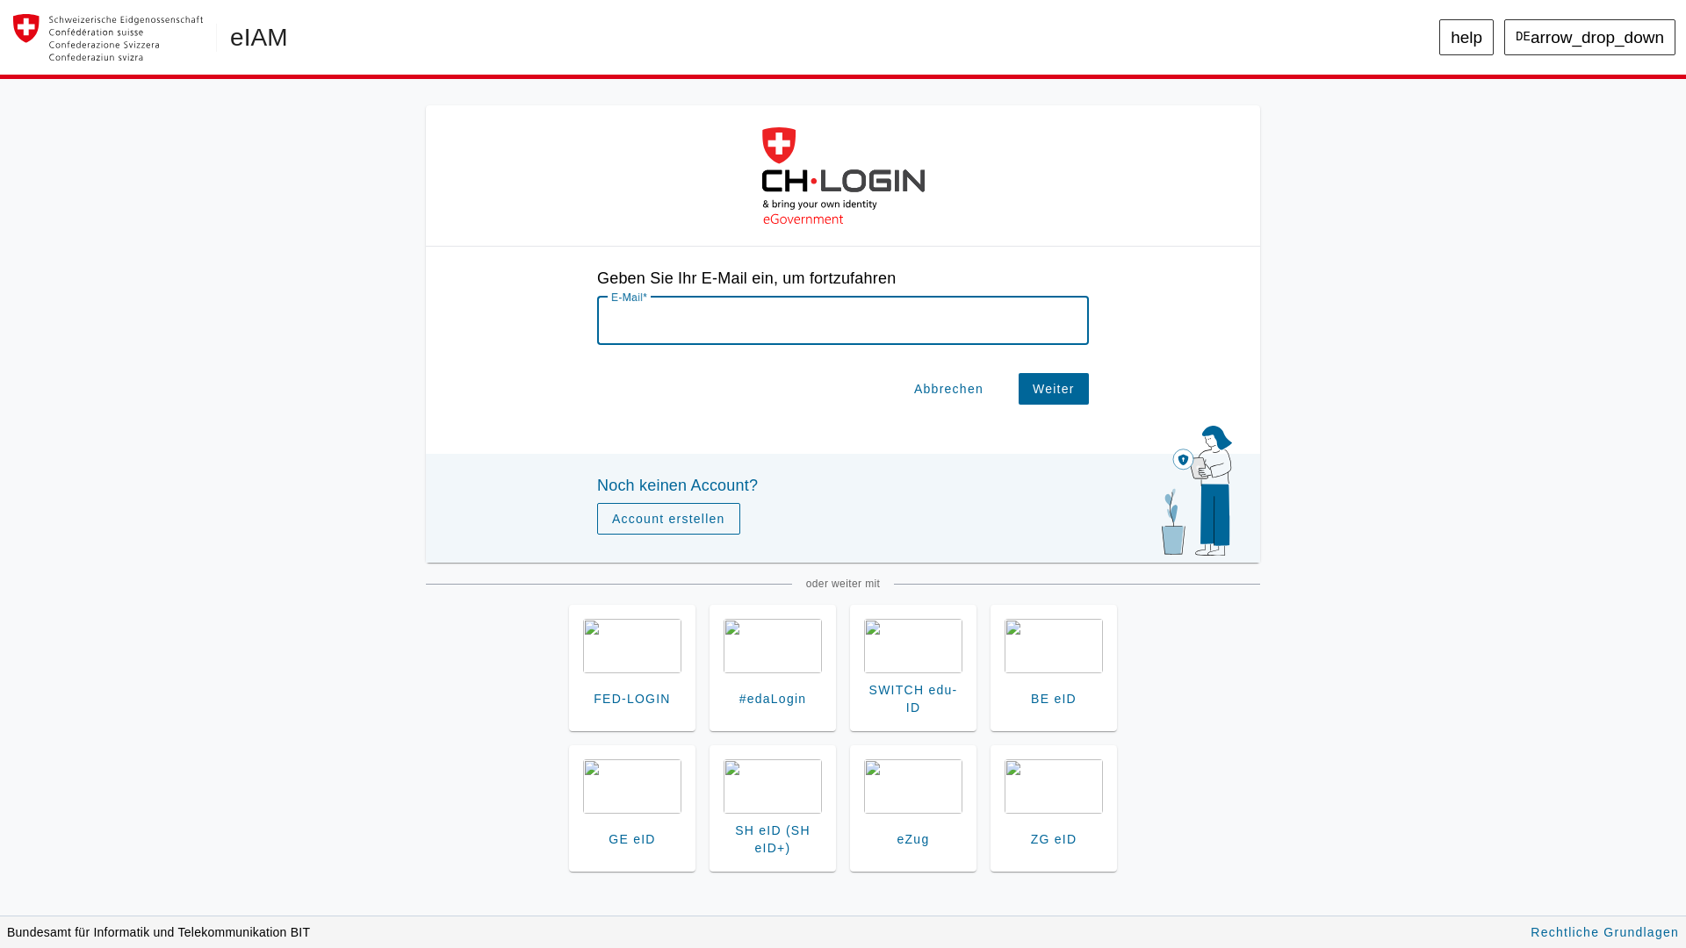 The image size is (1686, 948). Describe the element at coordinates (1480, 37) in the screenshot. I see `'help'` at that location.